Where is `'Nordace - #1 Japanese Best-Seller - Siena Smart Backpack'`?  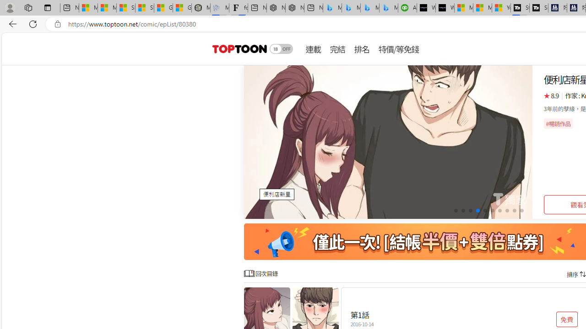 'Nordace - #1 Japanese Best-Seller - Siena Smart Backpack' is located at coordinates (294, 8).